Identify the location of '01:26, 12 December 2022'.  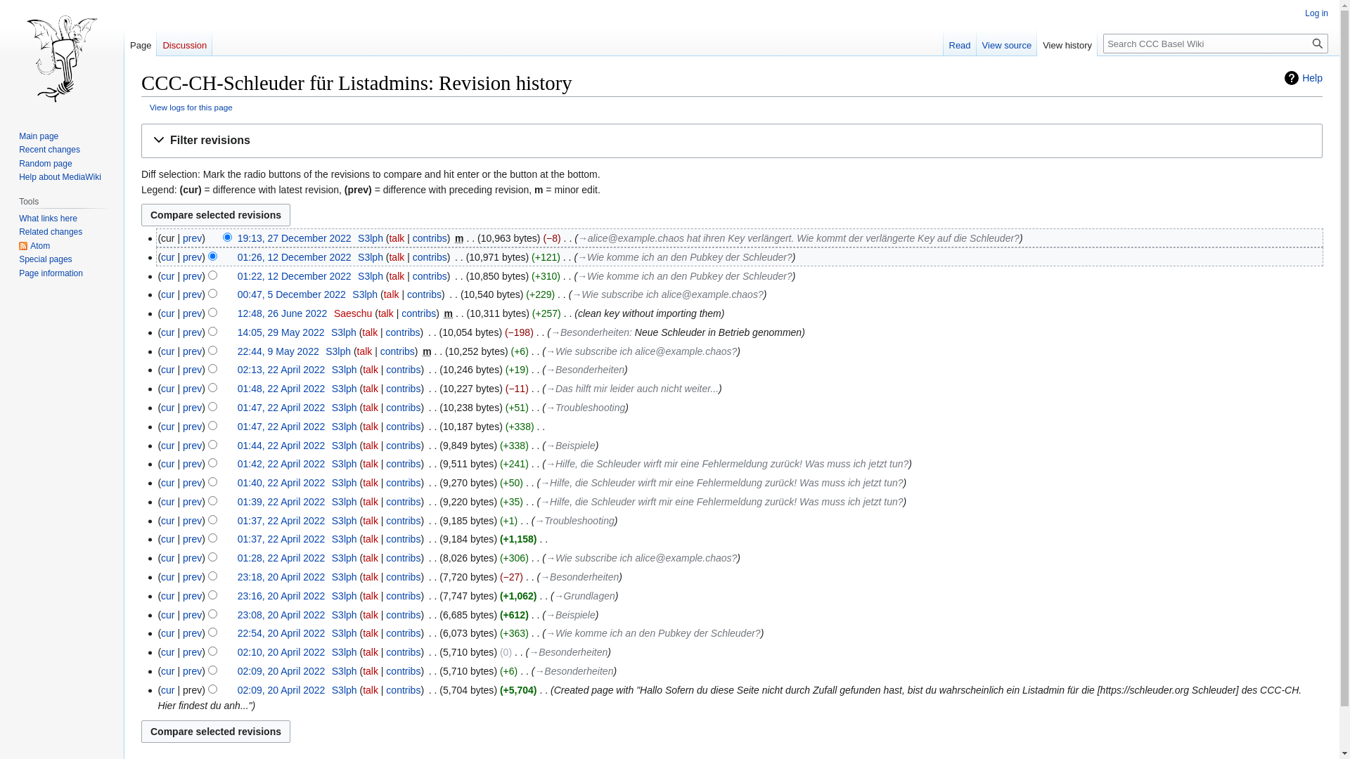
(237, 257).